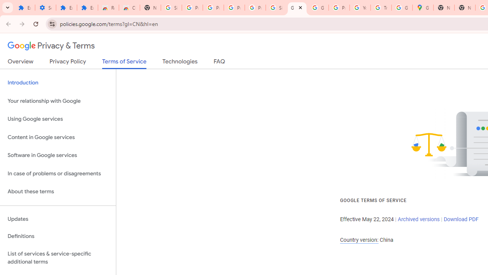 The width and height of the screenshot is (488, 275). What do you see at coordinates (464, 8) in the screenshot?
I see `'New Tab'` at bounding box center [464, 8].